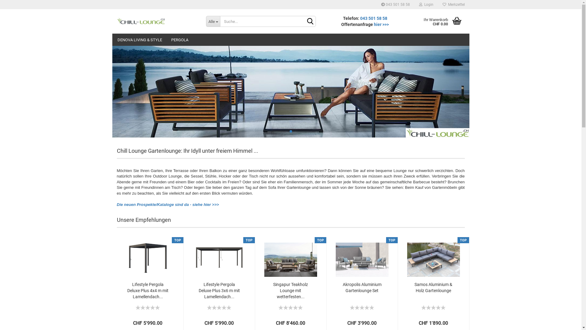  What do you see at coordinates (290, 257) in the screenshot?
I see `'Singapur Teakholz Lounge mit wetterfesten Outdoorkissen'` at bounding box center [290, 257].